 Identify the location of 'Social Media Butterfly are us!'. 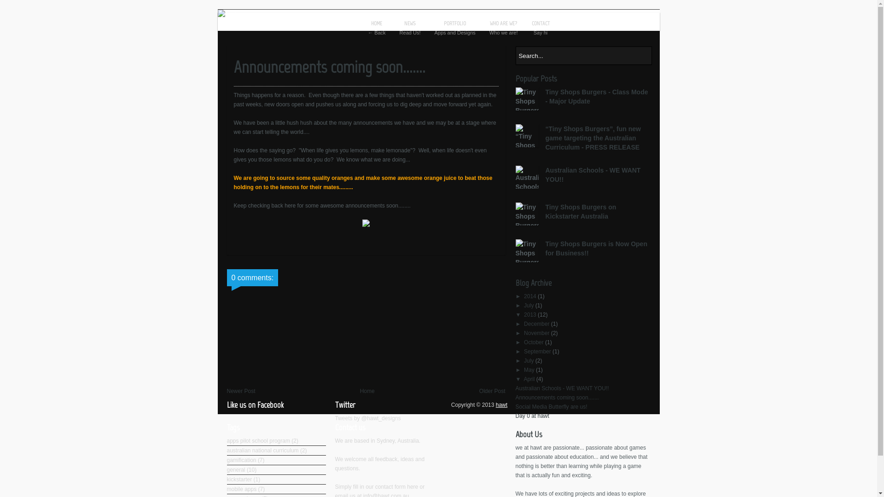
(515, 406).